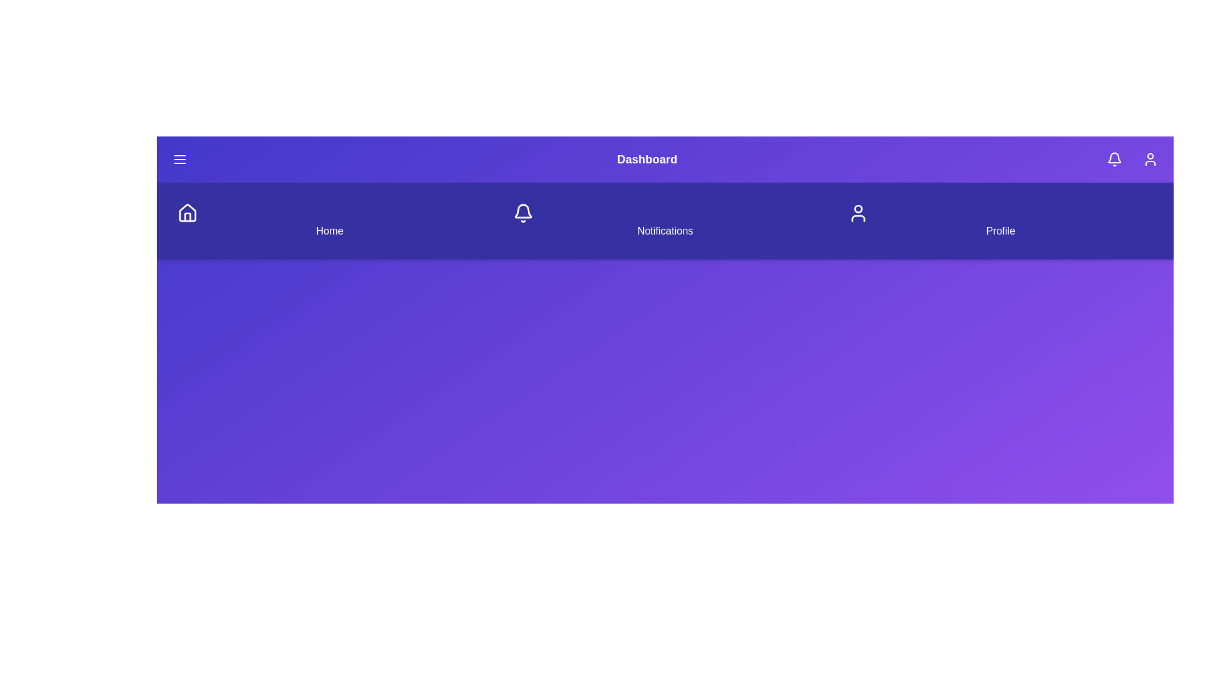  Describe the element at coordinates (329, 220) in the screenshot. I see `the Home navigation item` at that location.